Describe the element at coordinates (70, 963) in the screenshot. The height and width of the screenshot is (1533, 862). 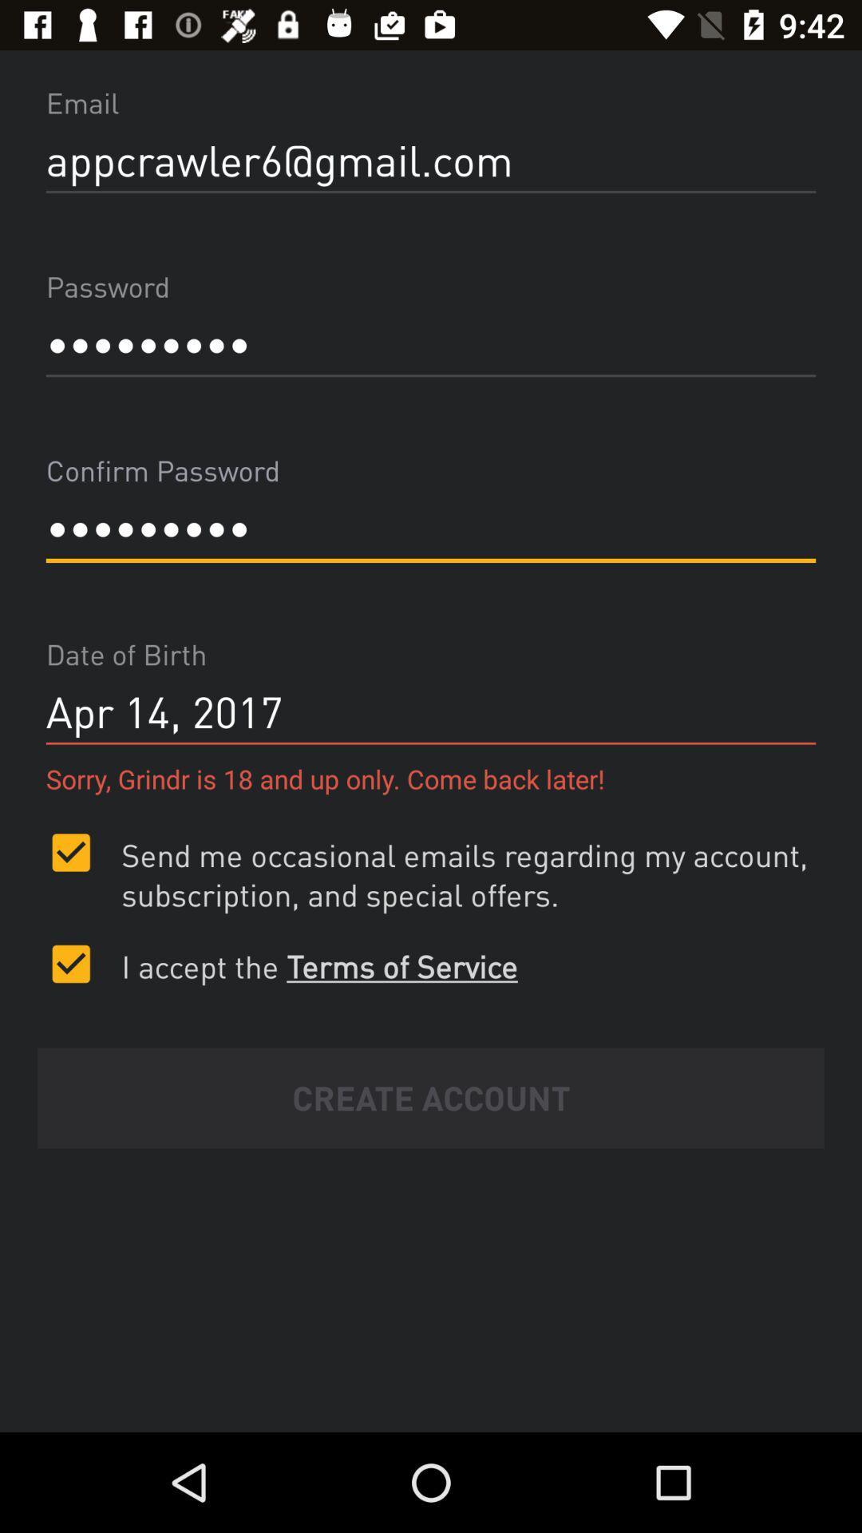
I see `accept the tam the condition` at that location.